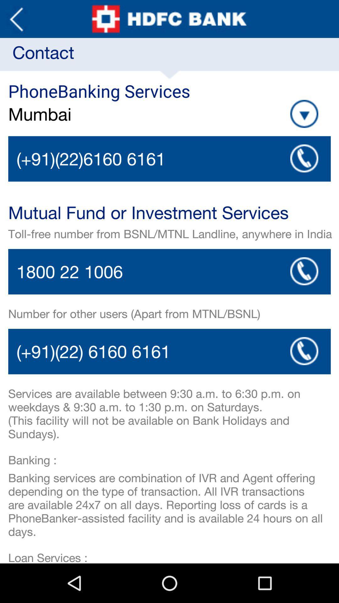  Describe the element at coordinates (304, 271) in the screenshot. I see `item next to the 1800 22 1006 app` at that location.